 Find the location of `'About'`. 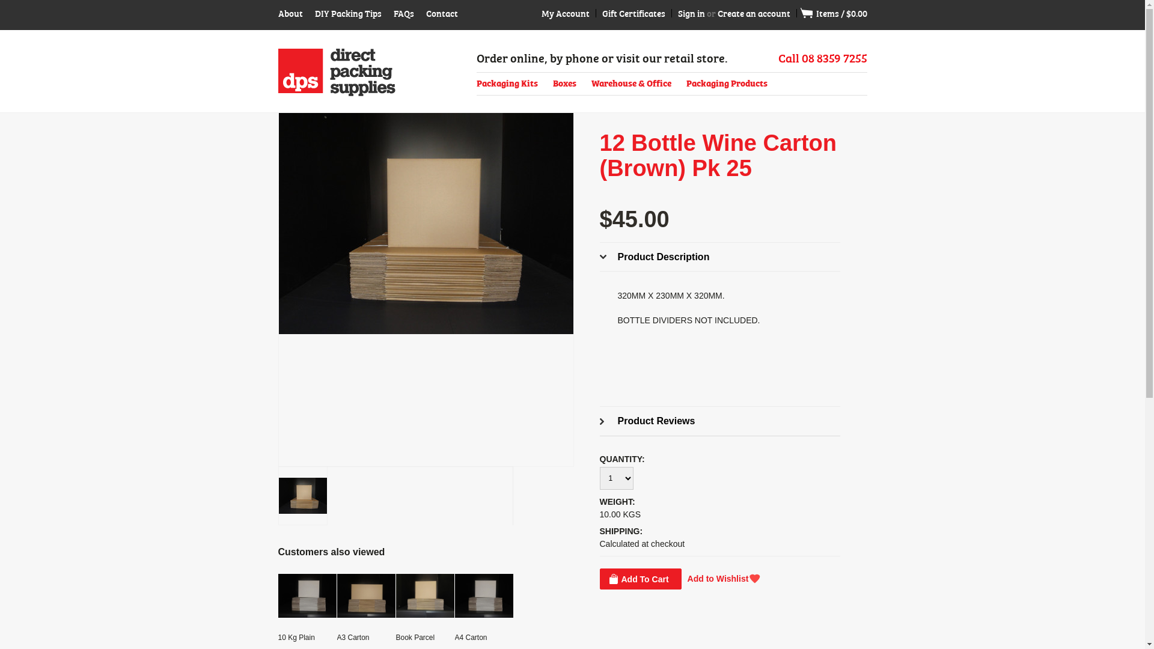

'About' is located at coordinates (290, 13).